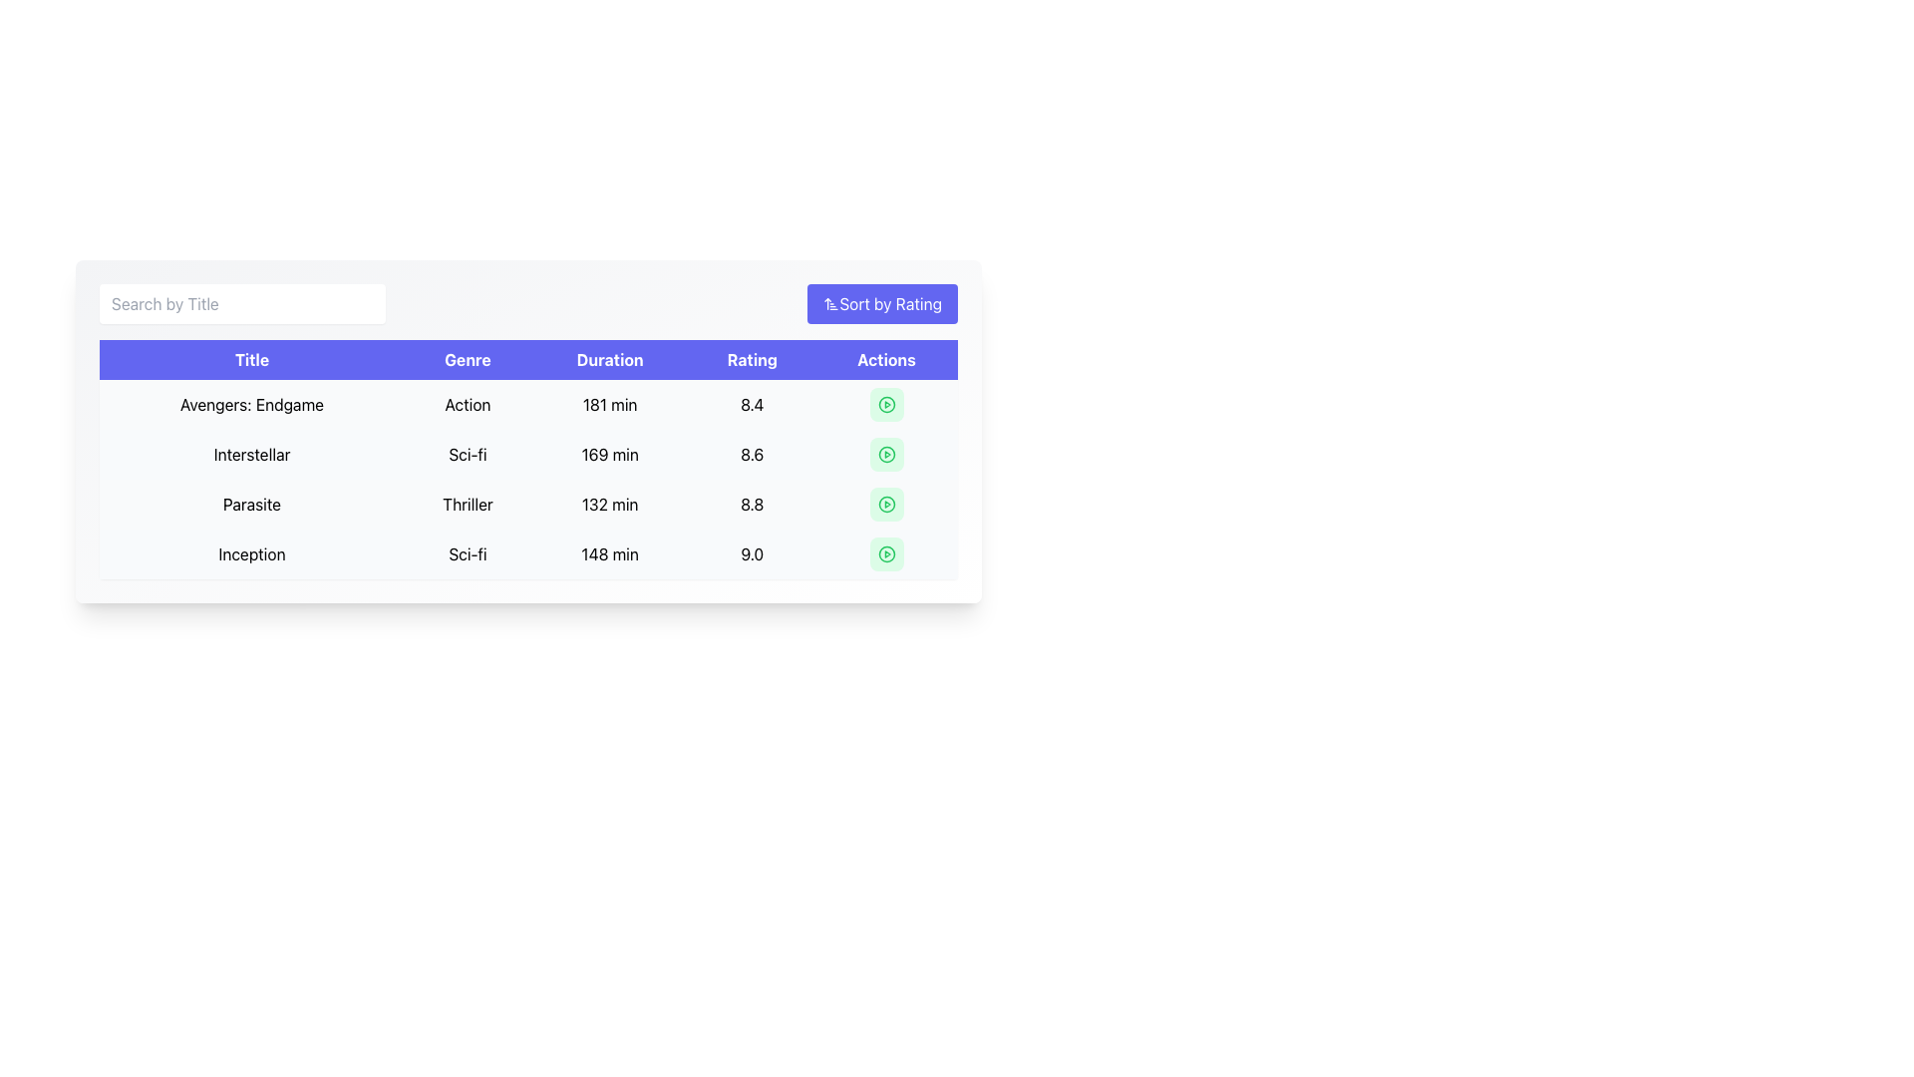 The width and height of the screenshot is (1914, 1077). I want to click on the table cell located in the second row under the 'Duration' column of the movie information table, so click(528, 480).